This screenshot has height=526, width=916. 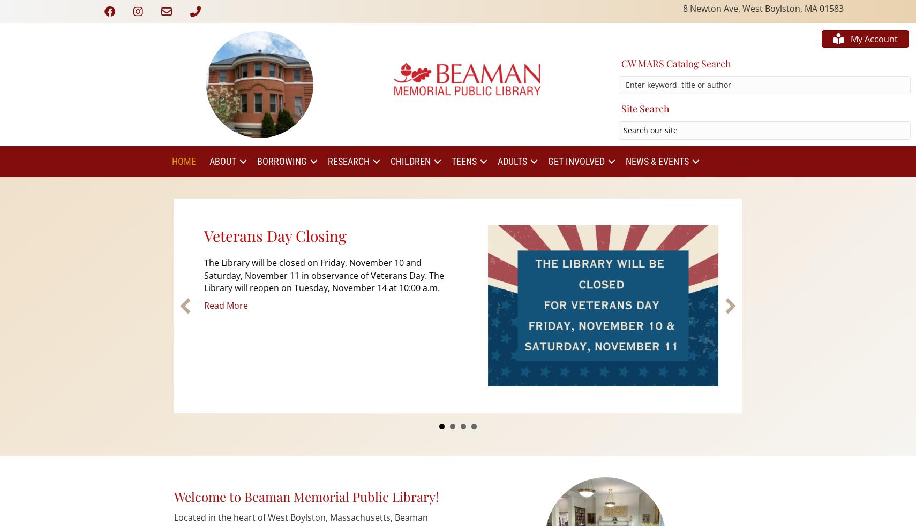 I want to click on 'Site Search', so click(x=620, y=108).